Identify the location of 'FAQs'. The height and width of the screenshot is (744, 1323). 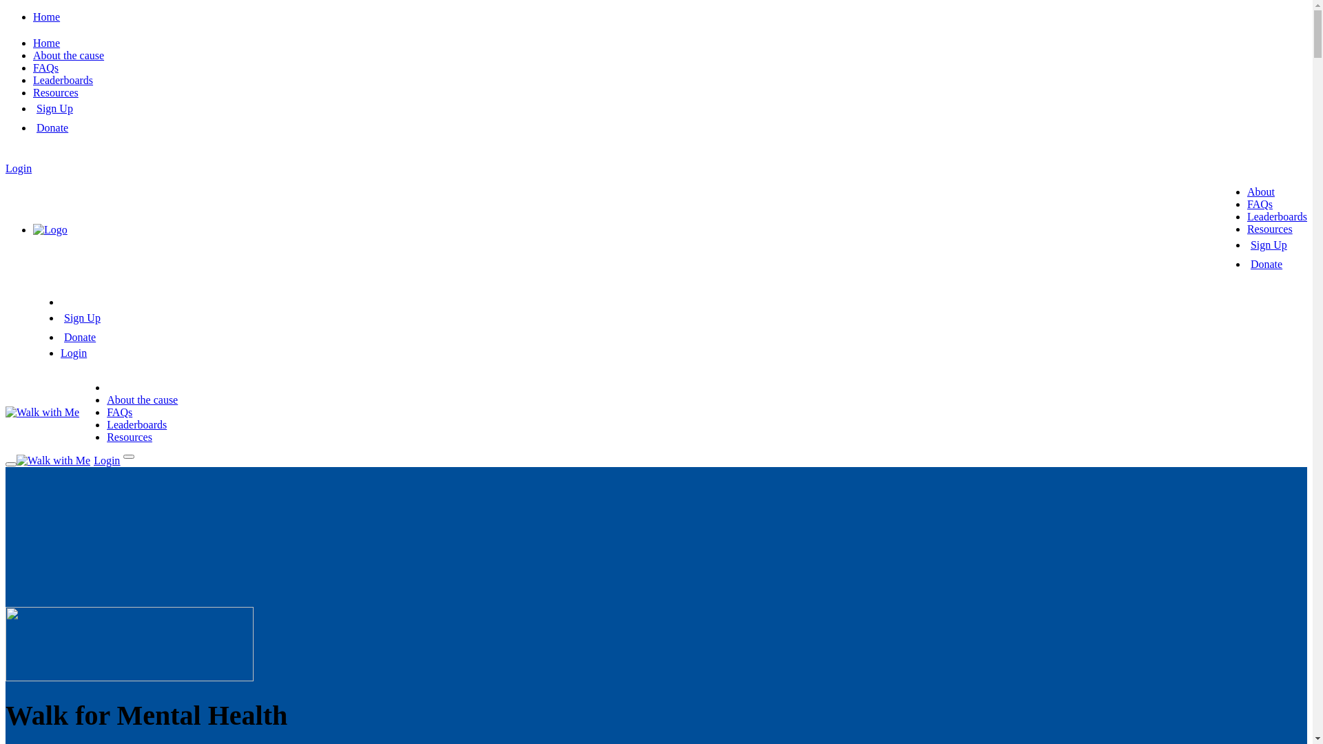
(119, 411).